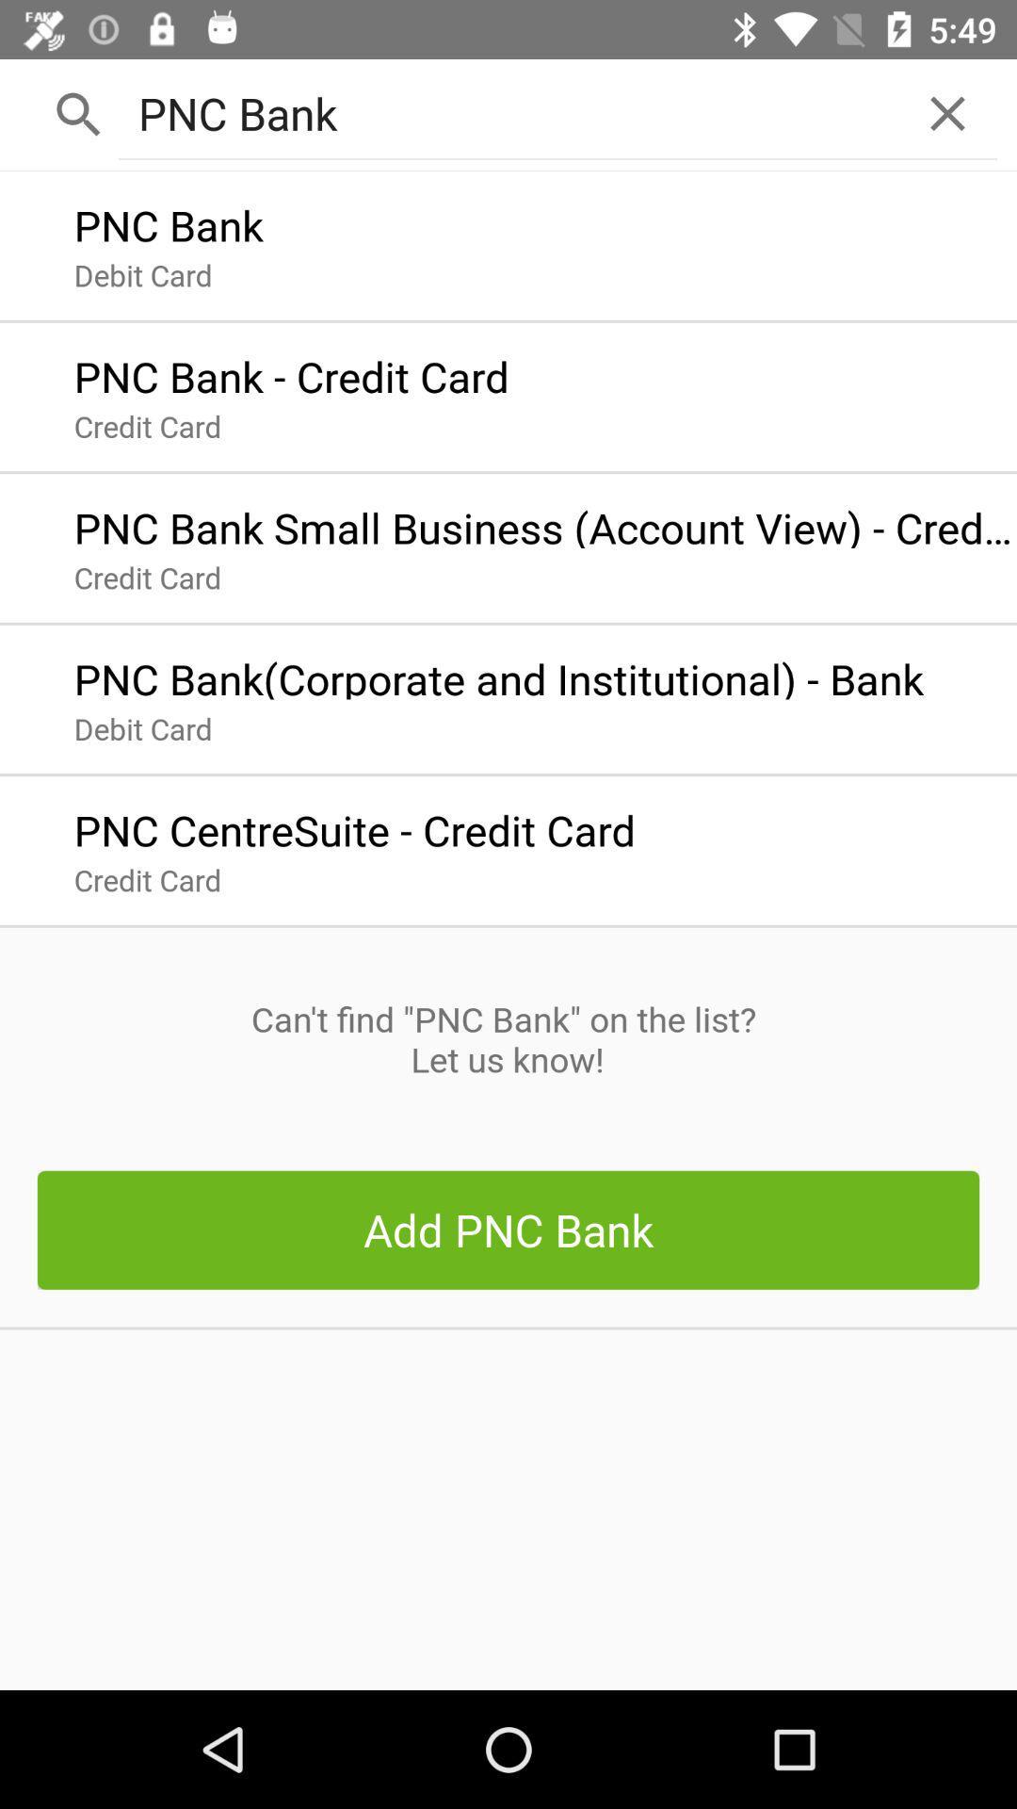 The image size is (1017, 1809). I want to click on the item to the right of the pnc bank icon, so click(947, 112).